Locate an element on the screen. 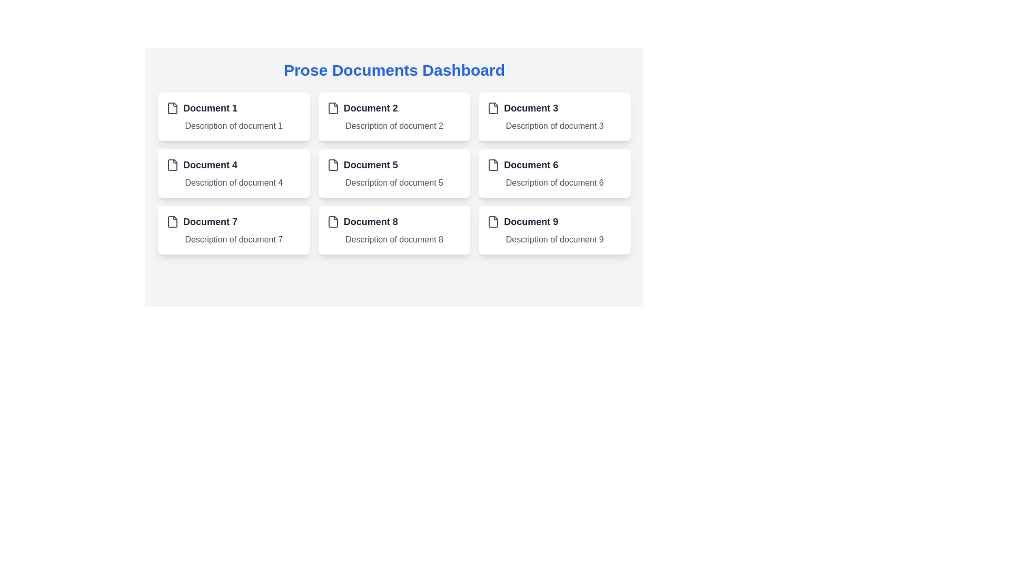  the text label displaying 'Document 2', which is styled in bold and dark gray, located next to a document icon in the second card of the top row in a grid layout is located at coordinates (371, 108).